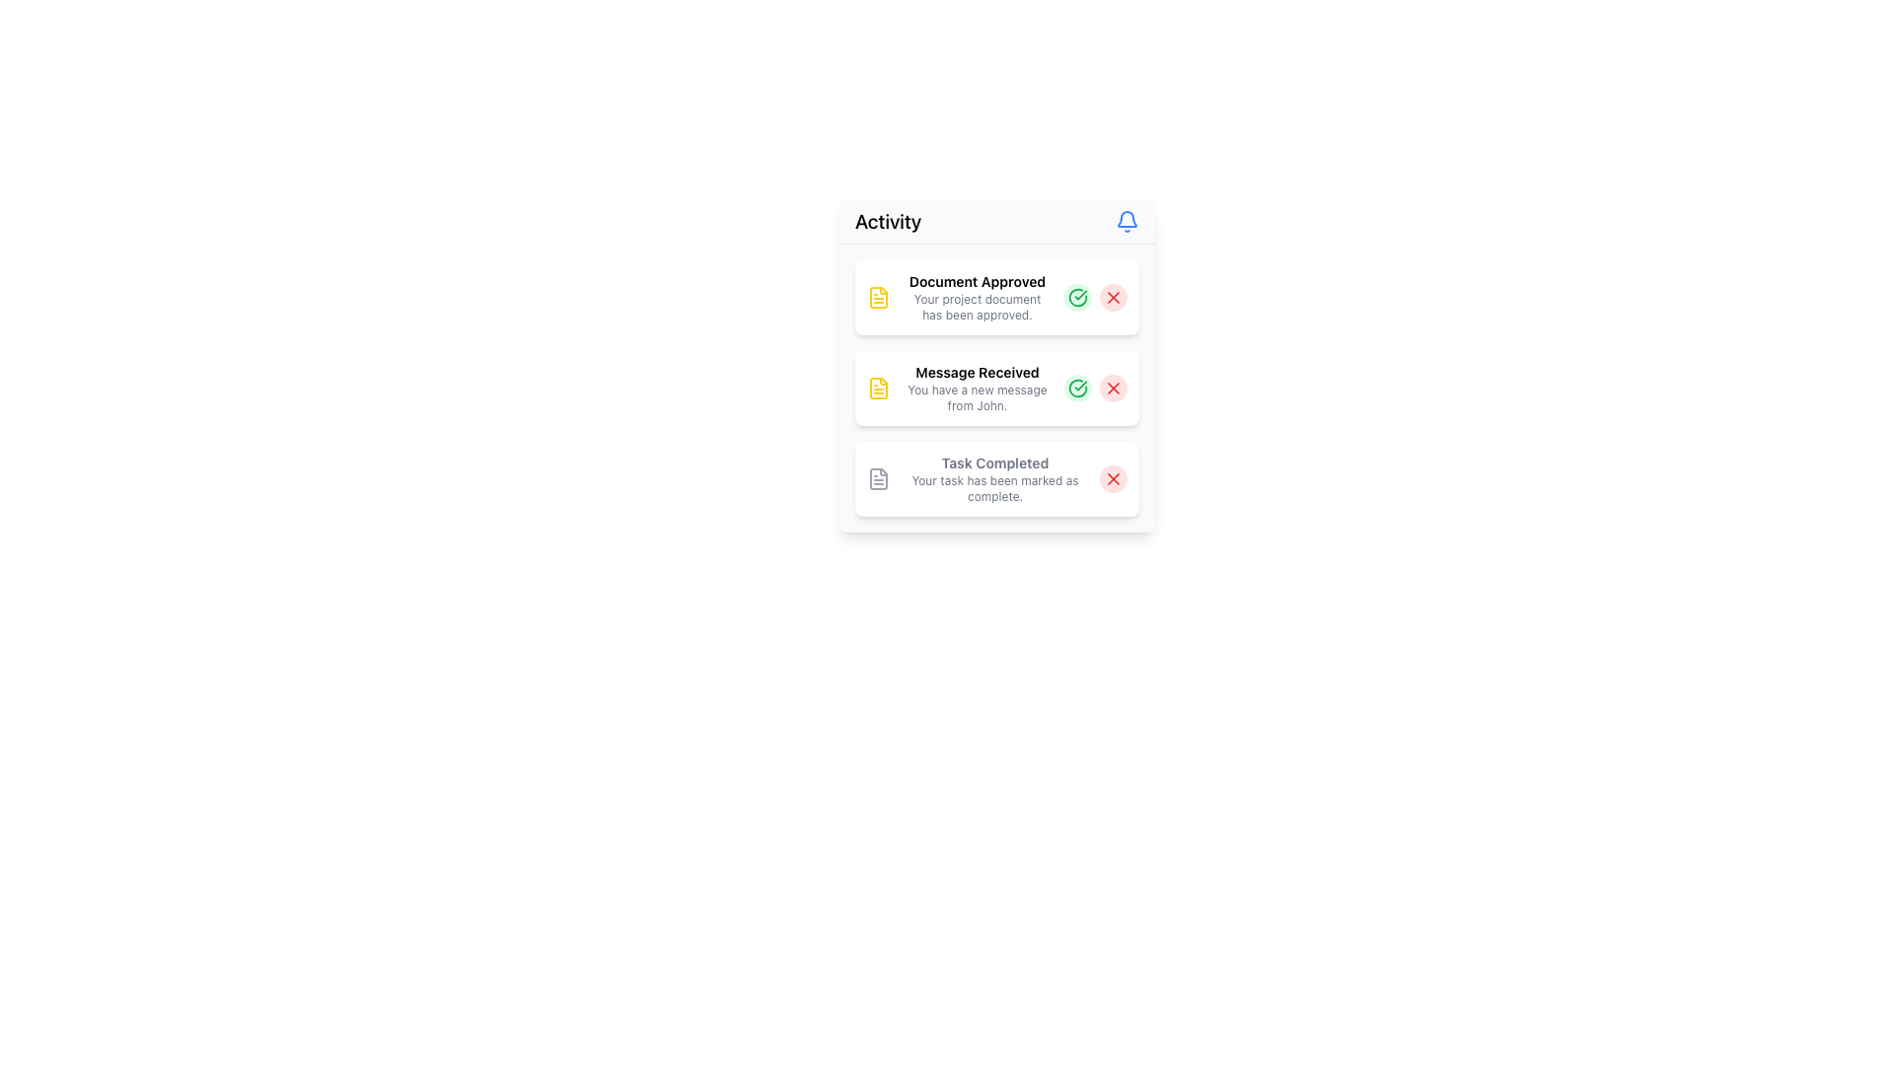  I want to click on text label displaying 'Document Approved' located towards the top left of the activity panel, above the subtext 'Your project document has been approved.', so click(977, 281).